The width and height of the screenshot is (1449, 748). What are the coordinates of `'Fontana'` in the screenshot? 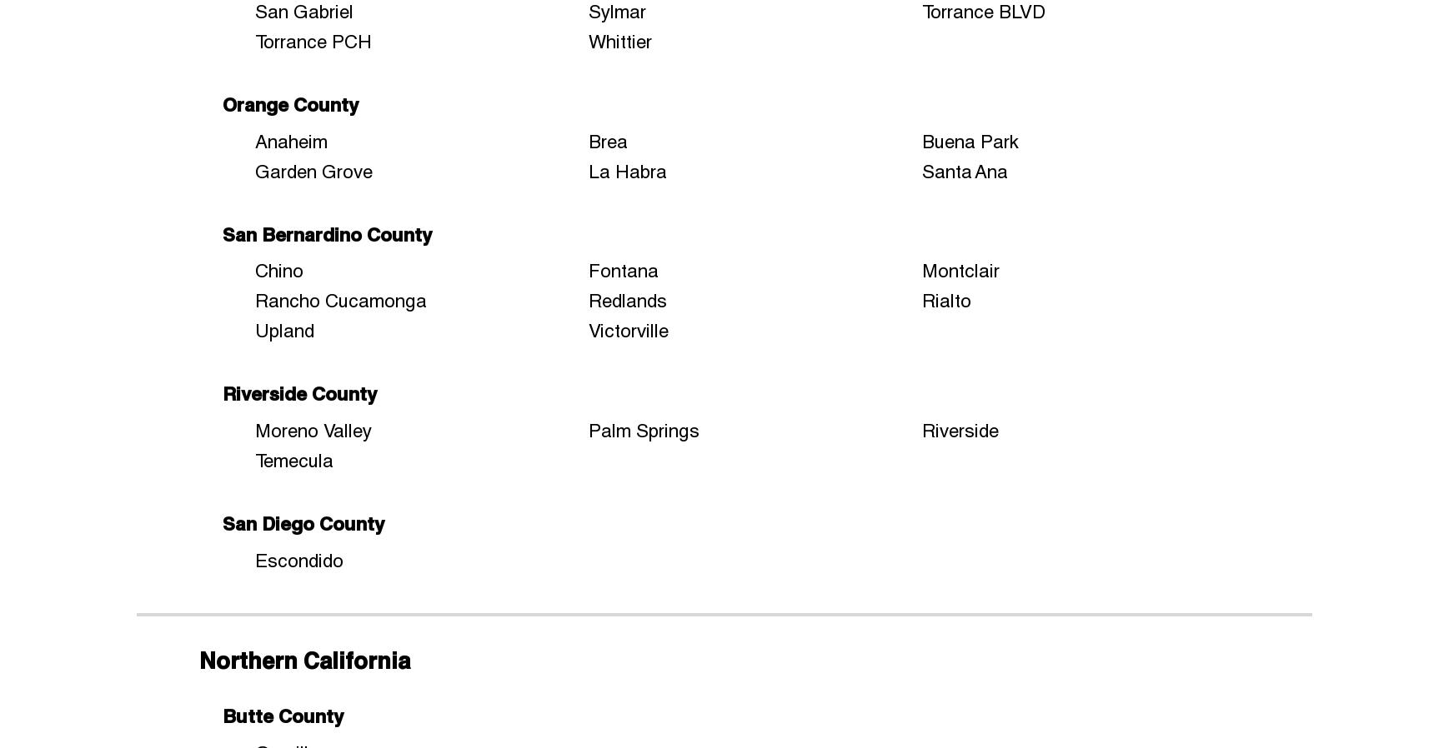 It's located at (624, 270).